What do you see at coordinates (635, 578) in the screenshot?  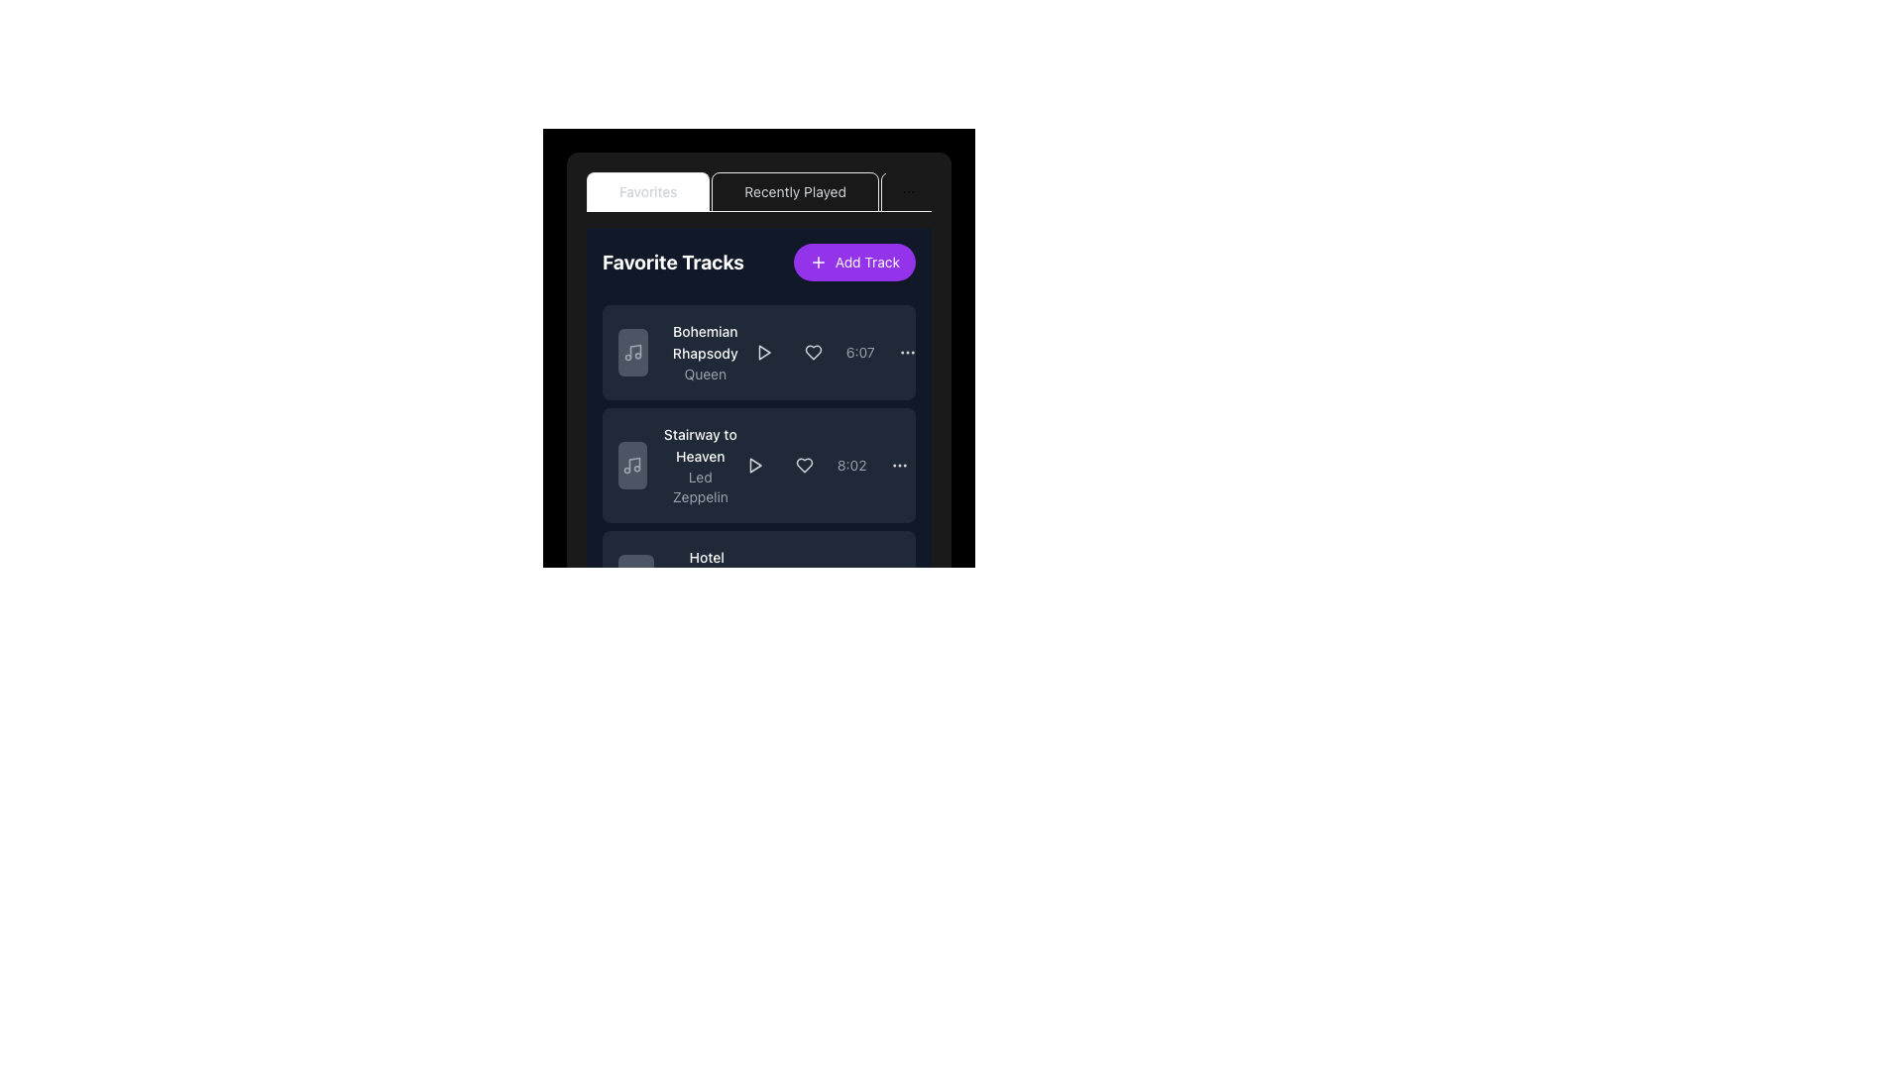 I see `the square-shaped button with a gray background and a musical note icon, located to the left of the text 'Hotel California' and 'Eagles'` at bounding box center [635, 578].